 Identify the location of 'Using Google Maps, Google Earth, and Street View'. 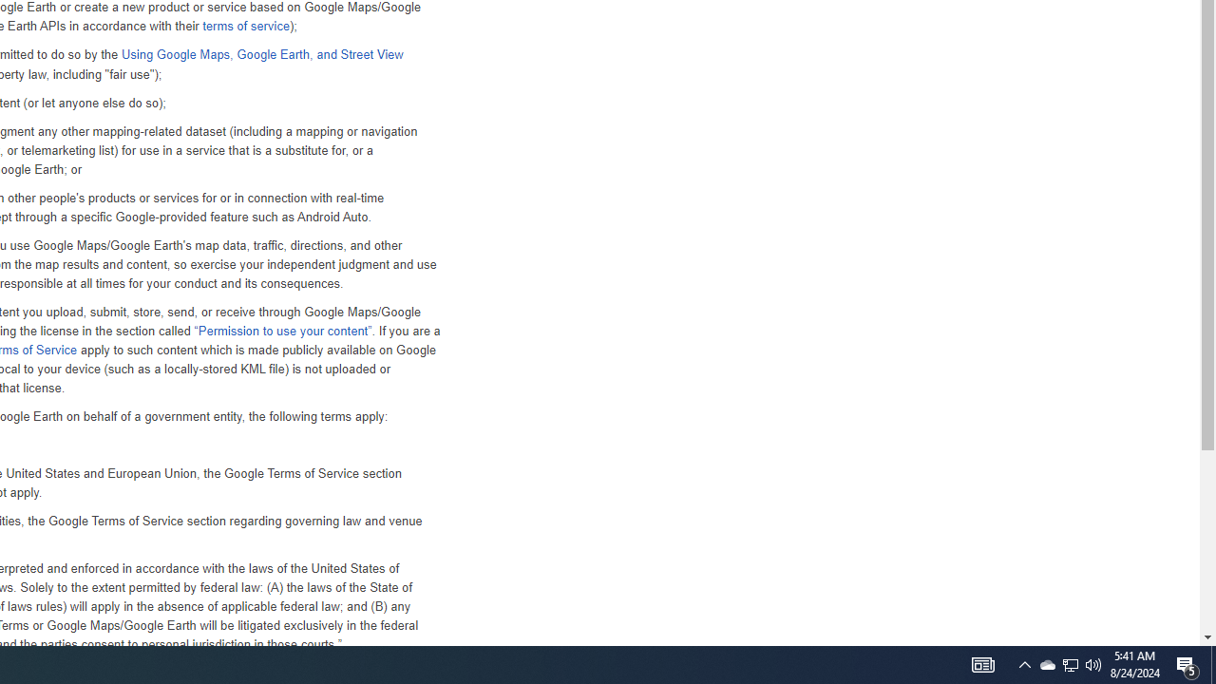
(260, 53).